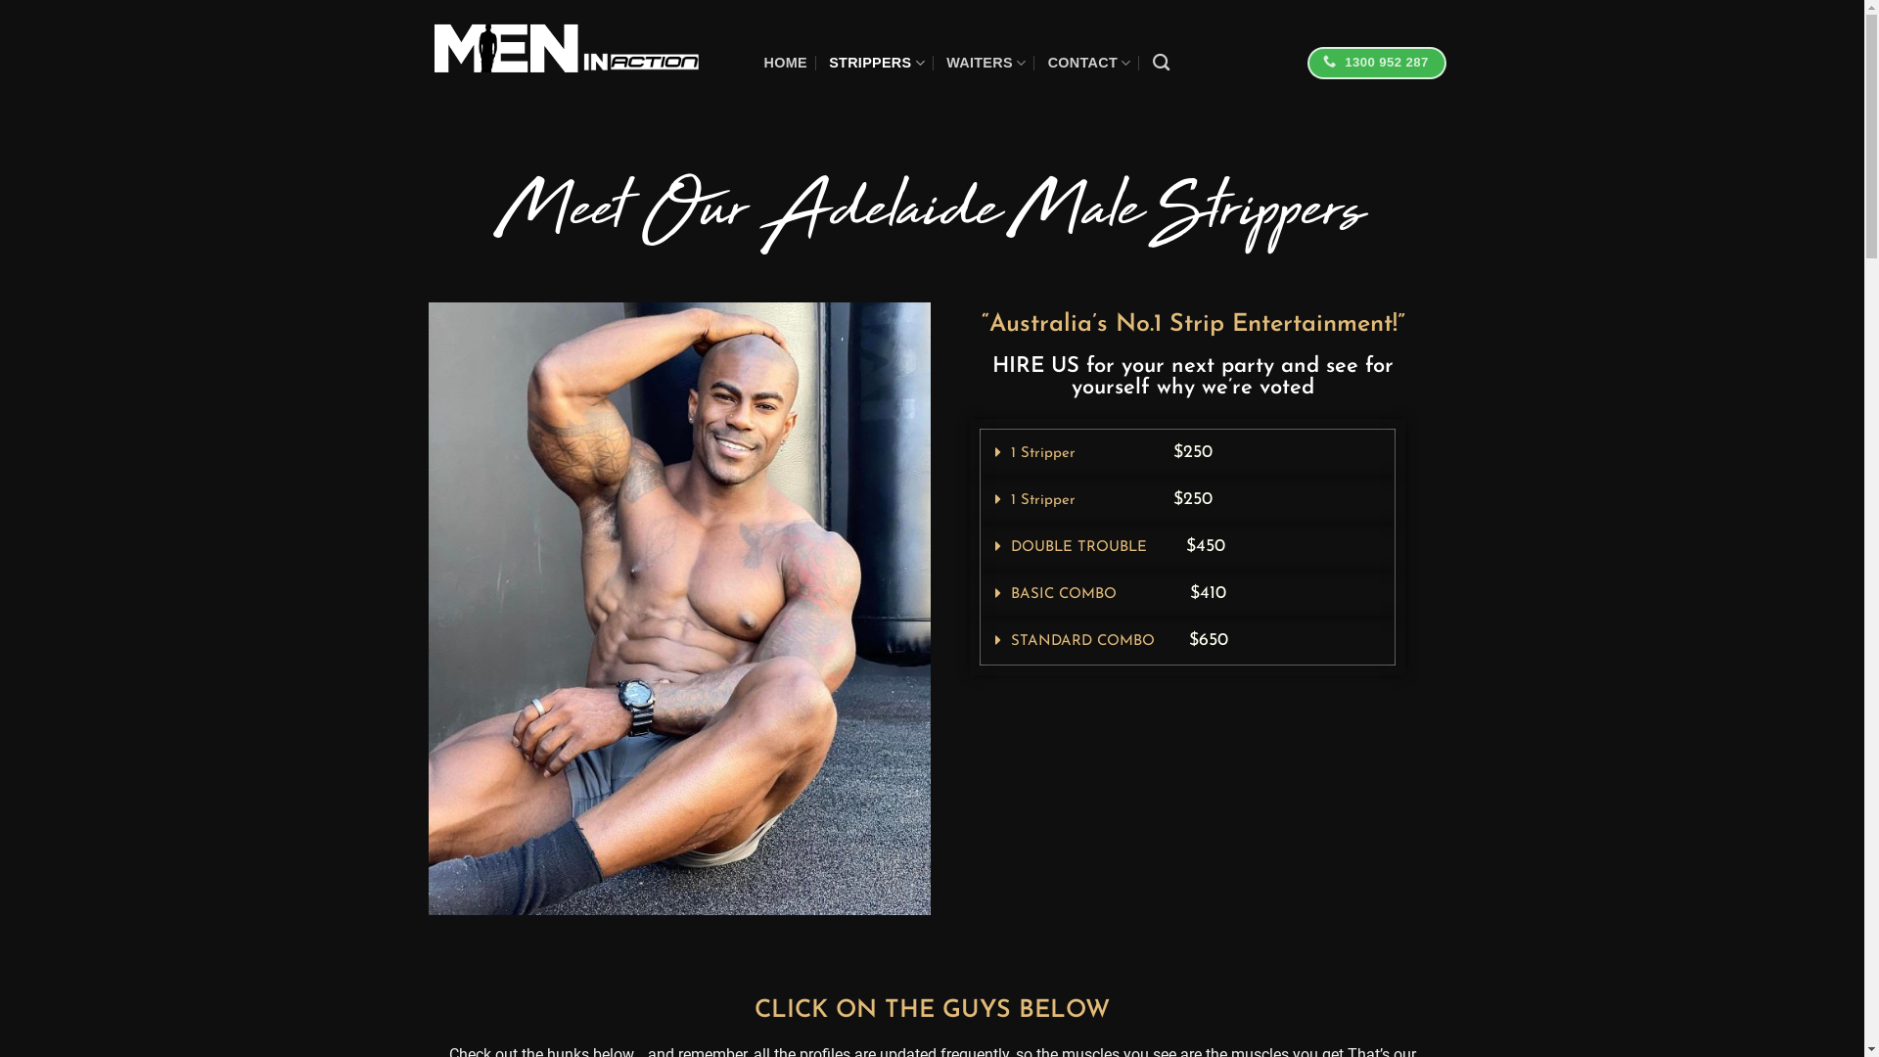 The image size is (1879, 1057). Describe the element at coordinates (1088, 62) in the screenshot. I see `'CONTACT'` at that location.